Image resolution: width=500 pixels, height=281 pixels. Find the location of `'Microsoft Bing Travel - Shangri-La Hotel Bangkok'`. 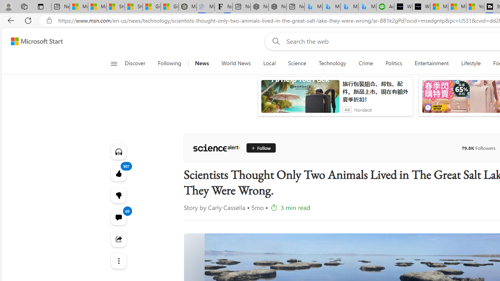

'Microsoft Bing Travel - Shangri-La Hotel Bangkok' is located at coordinates (367, 7).